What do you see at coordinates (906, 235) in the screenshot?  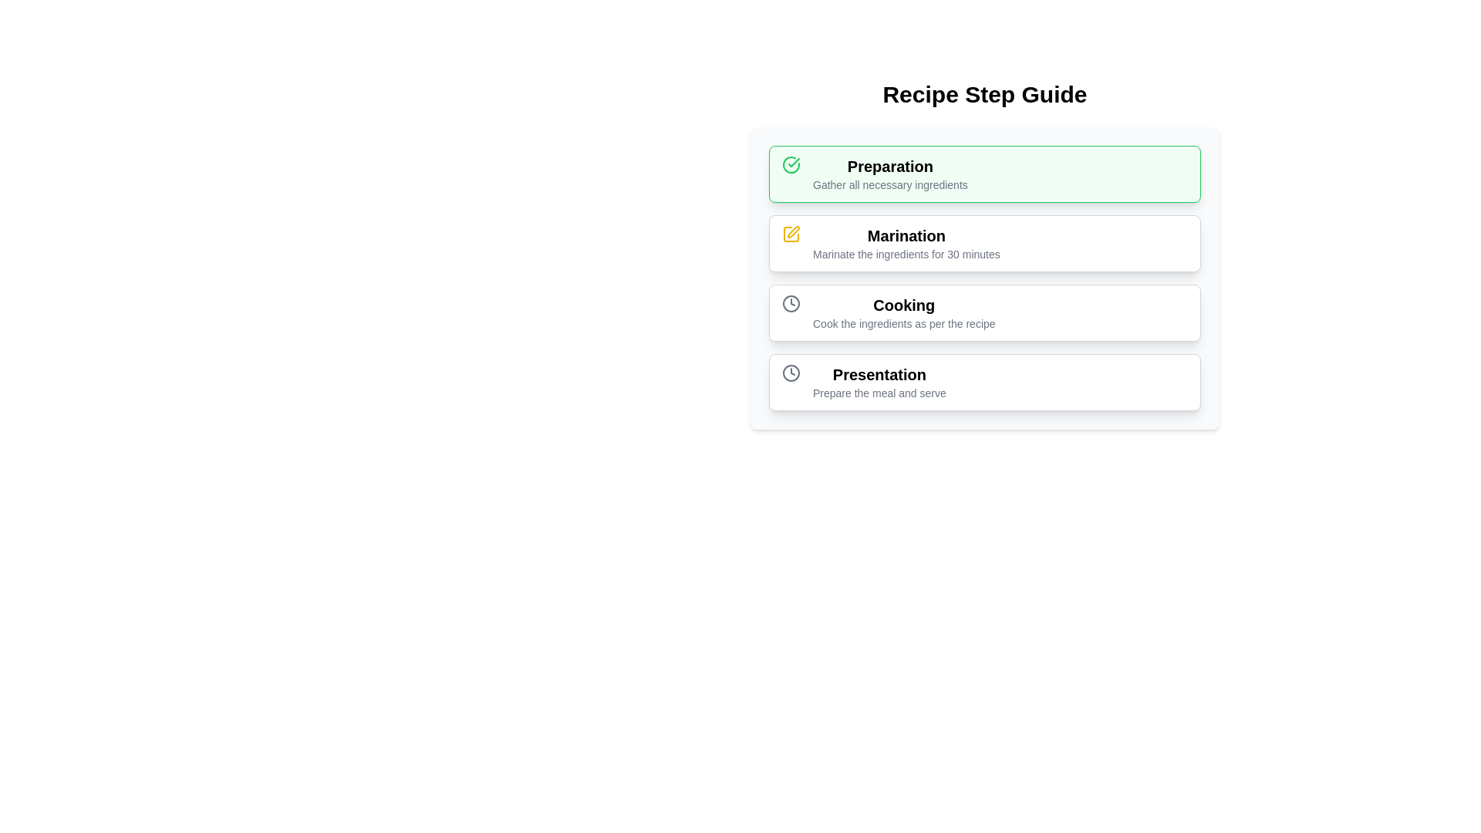 I see `the 'Marination' text label, which is a large, bold heading positioned in the second section of the 'Recipe Step Guide', above the 'Cooking' step and below the 'Preparation' step` at bounding box center [906, 235].